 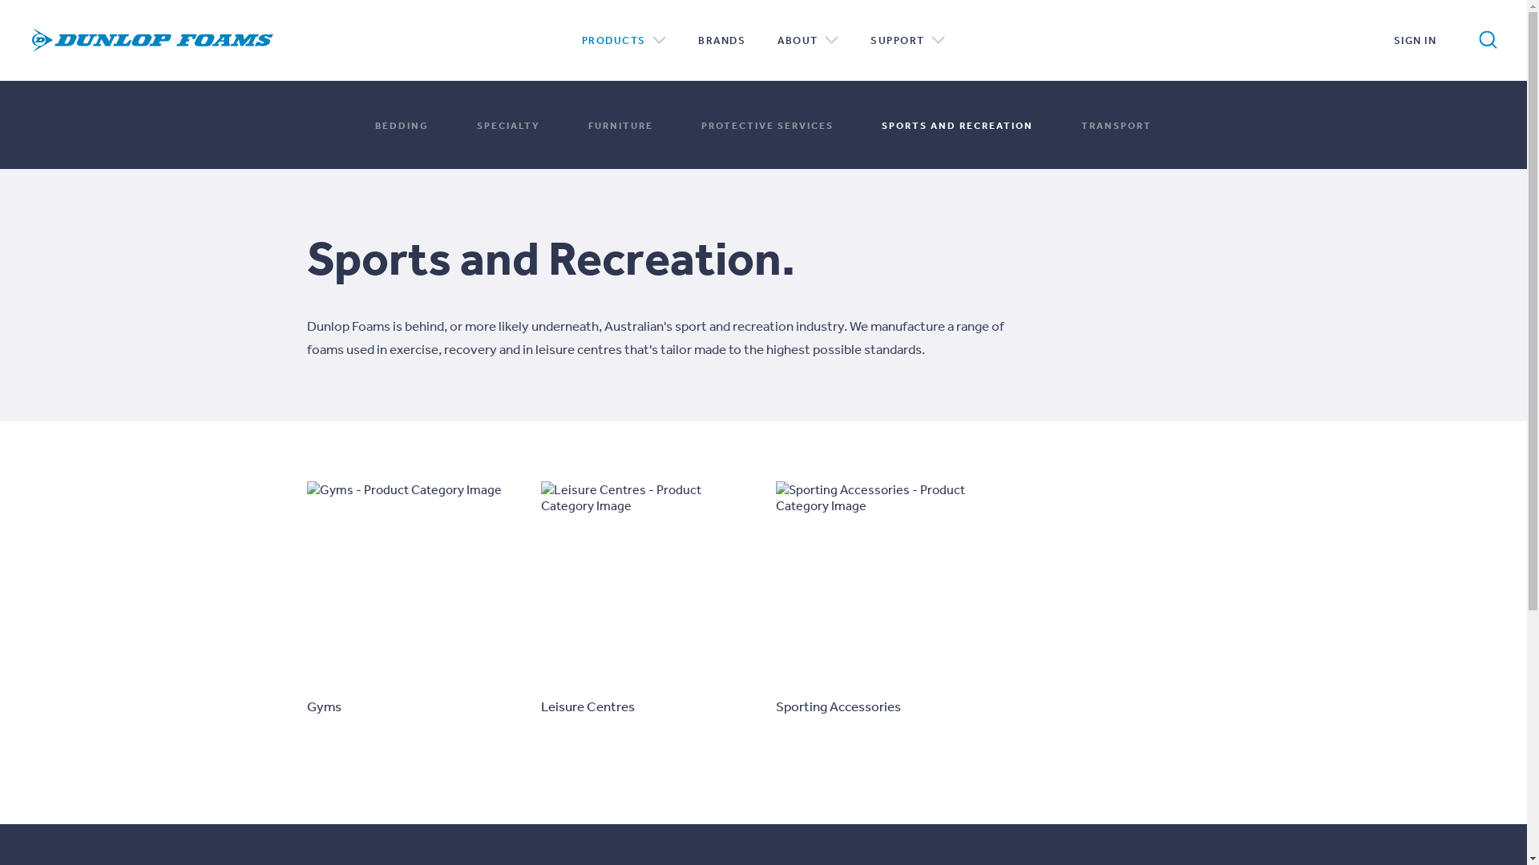 I want to click on 'PRODUCTS', so click(x=623, y=39).